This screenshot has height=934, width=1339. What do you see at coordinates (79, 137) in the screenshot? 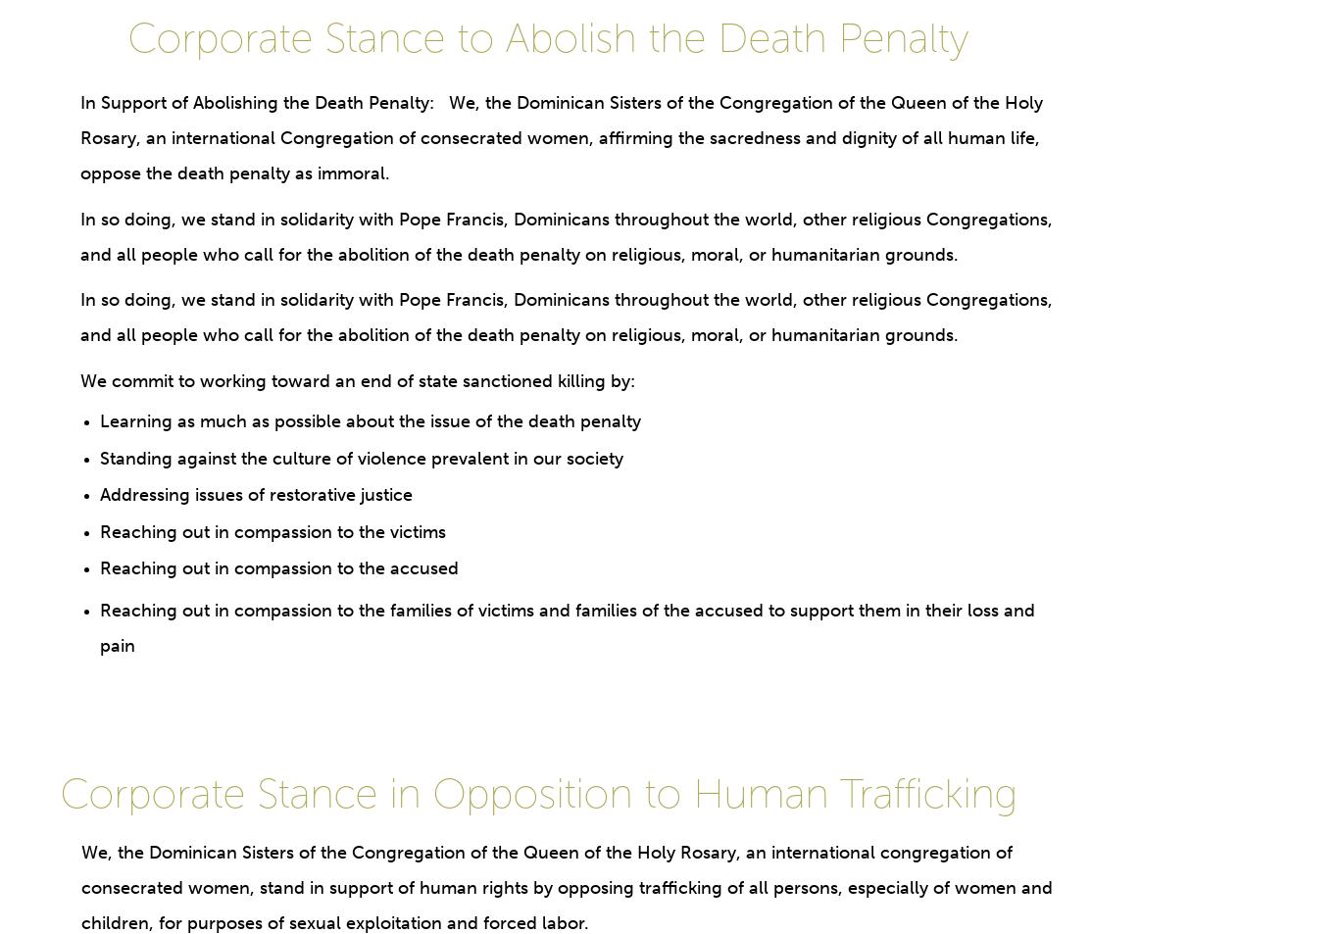
I see `'In Support of Abolishing the Death Penalty:   We, the Dominican Sisters of the Congregation of the Queen of the Holy Rosary, an international Congregation of consecrated women, affirming the sacredness and dignity of all human life, oppose the death penalty as immoral.'` at bounding box center [79, 137].